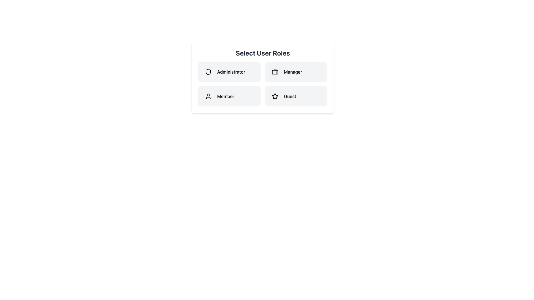  Describe the element at coordinates (231, 71) in the screenshot. I see `the static text label for the 'Administrator' role option, which provides information about the role selection card, located in the top-left quadrant of the role selection grid` at that location.